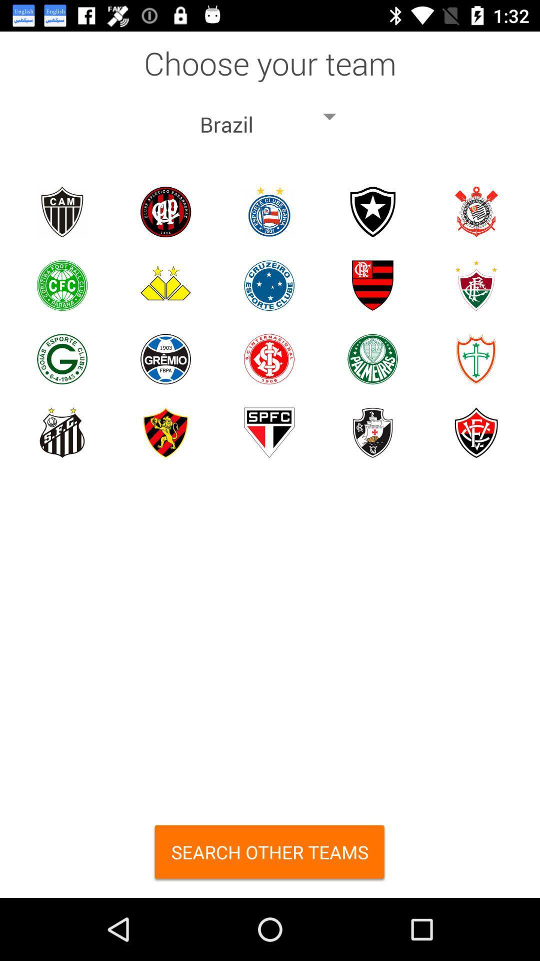 Image resolution: width=540 pixels, height=961 pixels. Describe the element at coordinates (268, 359) in the screenshot. I see `to choose this team` at that location.